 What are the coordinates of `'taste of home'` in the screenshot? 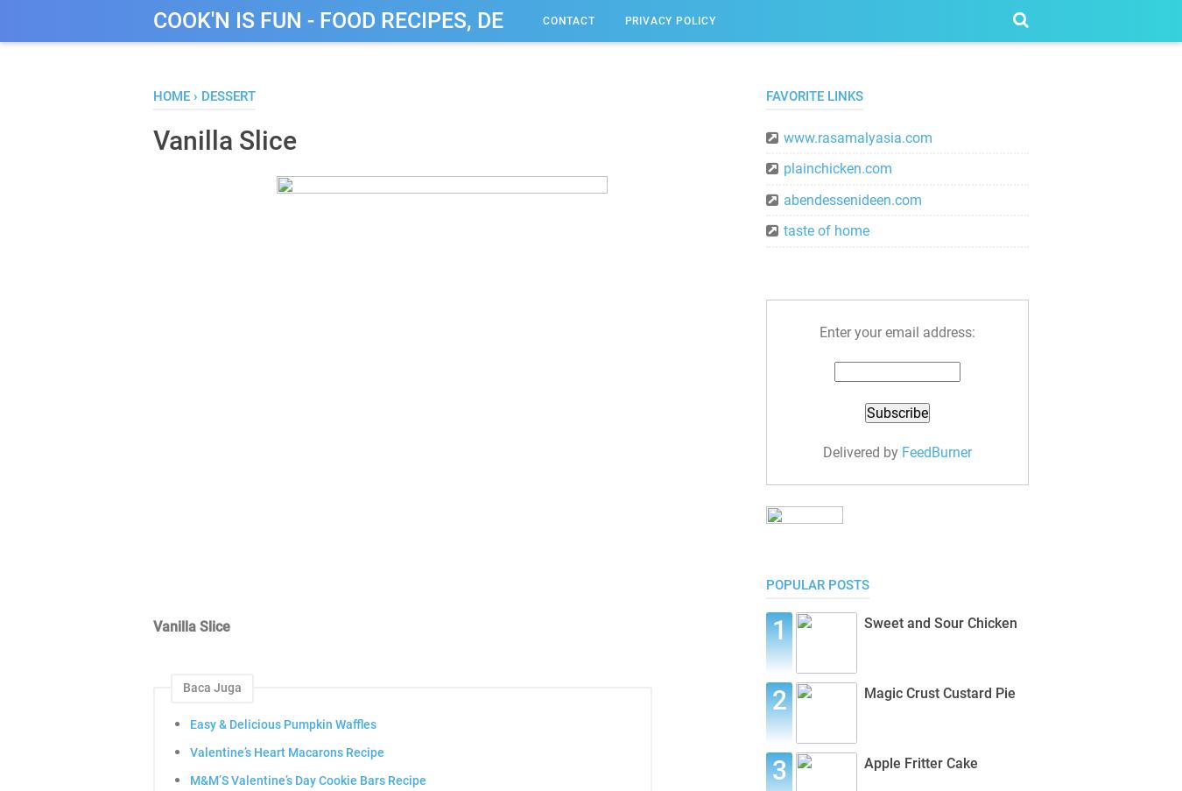 It's located at (826, 230).